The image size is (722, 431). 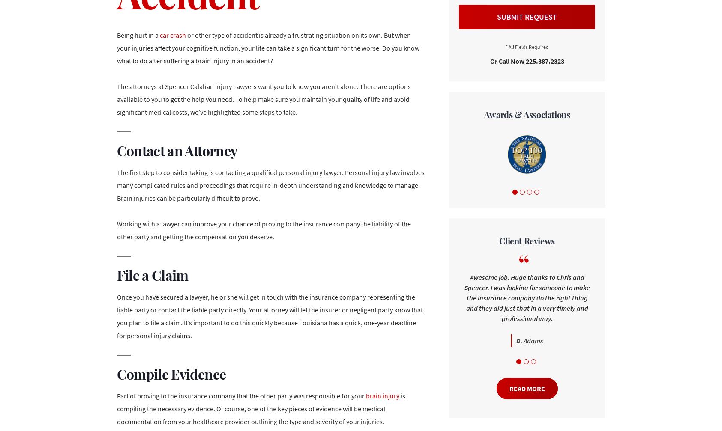 I want to click on 'Once you have secured a lawyer, he or she will get in touch with the insurance company representing the liable party or contact the liable party directly. Your attorney will let the insurer or negligent party know that you plan to file a claim. It’s important to do this quickly because Louisiana has a quick, one-year deadline for personal injury claims.', so click(x=270, y=316).